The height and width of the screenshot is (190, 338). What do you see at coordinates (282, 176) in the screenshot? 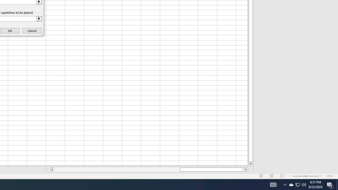
I see `'Page Break Preview'` at bounding box center [282, 176].